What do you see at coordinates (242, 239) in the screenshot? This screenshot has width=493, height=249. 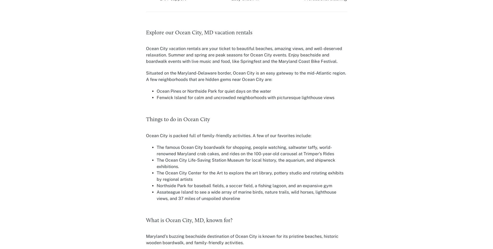 I see `'Maryland’s buzzing beachside destination of Ocean City is known for its pristine beaches, historic wooden boardwalk, and family-friendly activities.'` at bounding box center [242, 239].